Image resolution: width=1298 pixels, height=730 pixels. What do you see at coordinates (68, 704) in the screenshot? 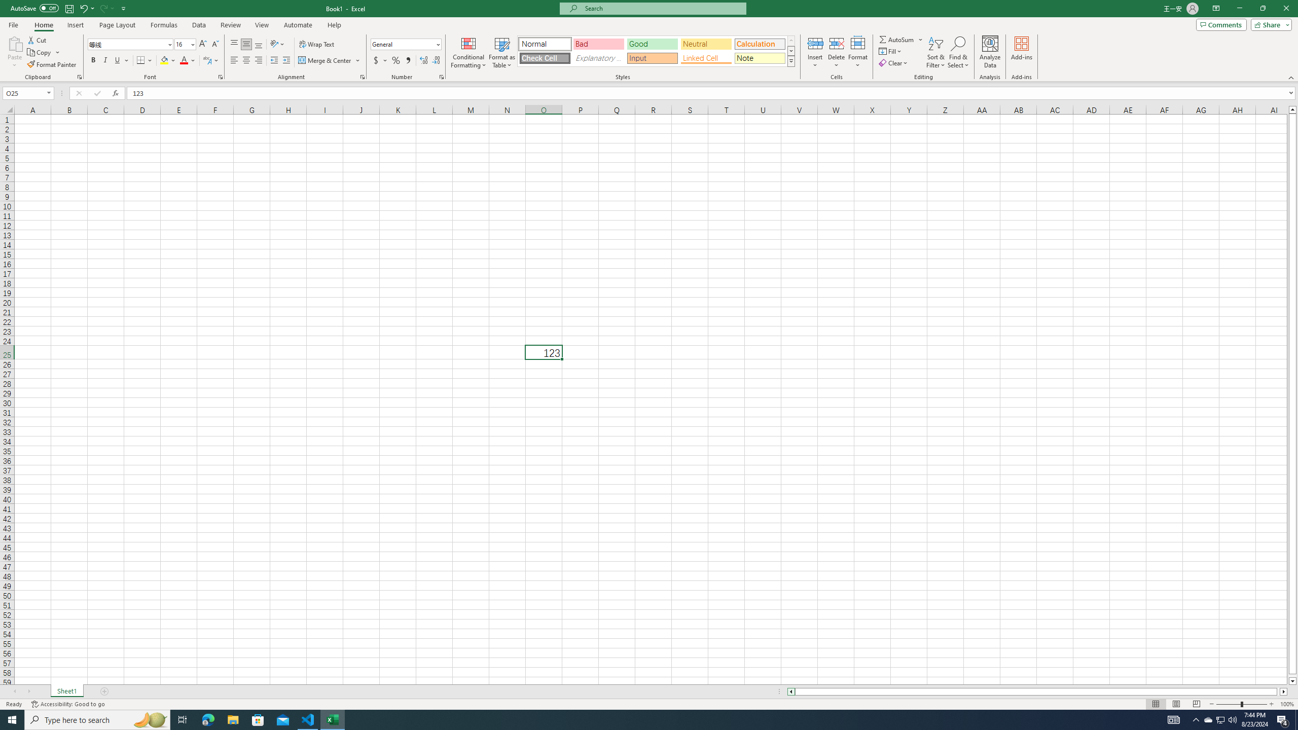
I see `'Accessibility Checker Accessibility: Good to go'` at bounding box center [68, 704].